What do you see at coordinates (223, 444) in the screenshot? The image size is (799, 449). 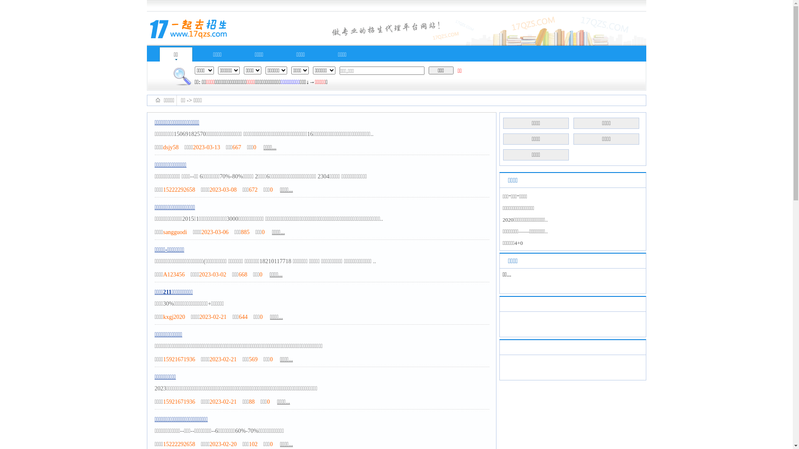 I see `'2023-02-20'` at bounding box center [223, 444].